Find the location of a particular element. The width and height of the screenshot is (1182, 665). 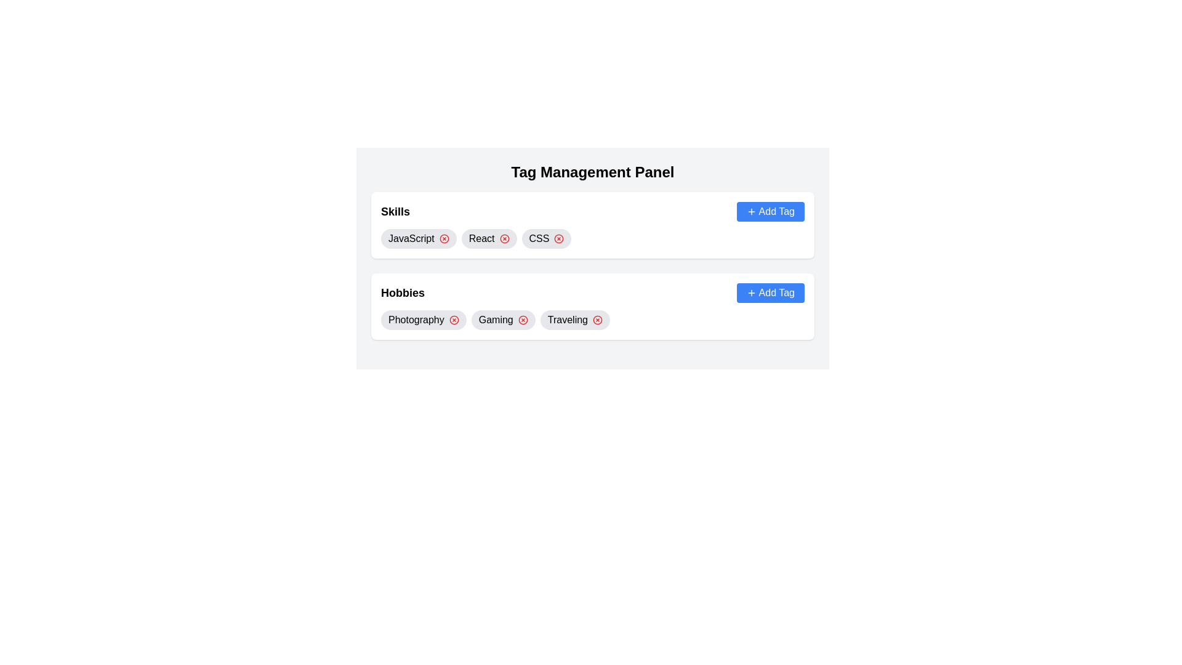

the button located at the top-right corner of the 'Skills' section is located at coordinates (770, 211).